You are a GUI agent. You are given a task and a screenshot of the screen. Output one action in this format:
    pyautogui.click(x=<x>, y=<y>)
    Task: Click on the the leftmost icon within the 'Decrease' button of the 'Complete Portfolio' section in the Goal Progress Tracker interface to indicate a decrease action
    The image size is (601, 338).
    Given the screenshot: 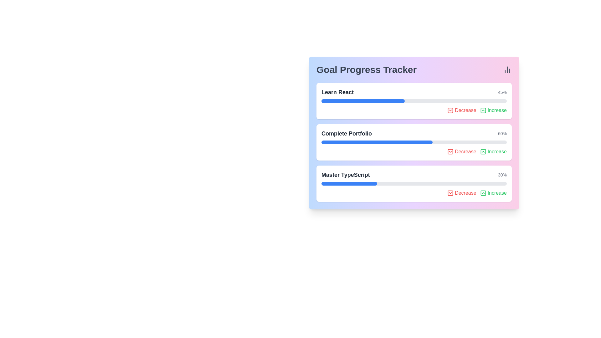 What is the action you would take?
    pyautogui.click(x=450, y=152)
    